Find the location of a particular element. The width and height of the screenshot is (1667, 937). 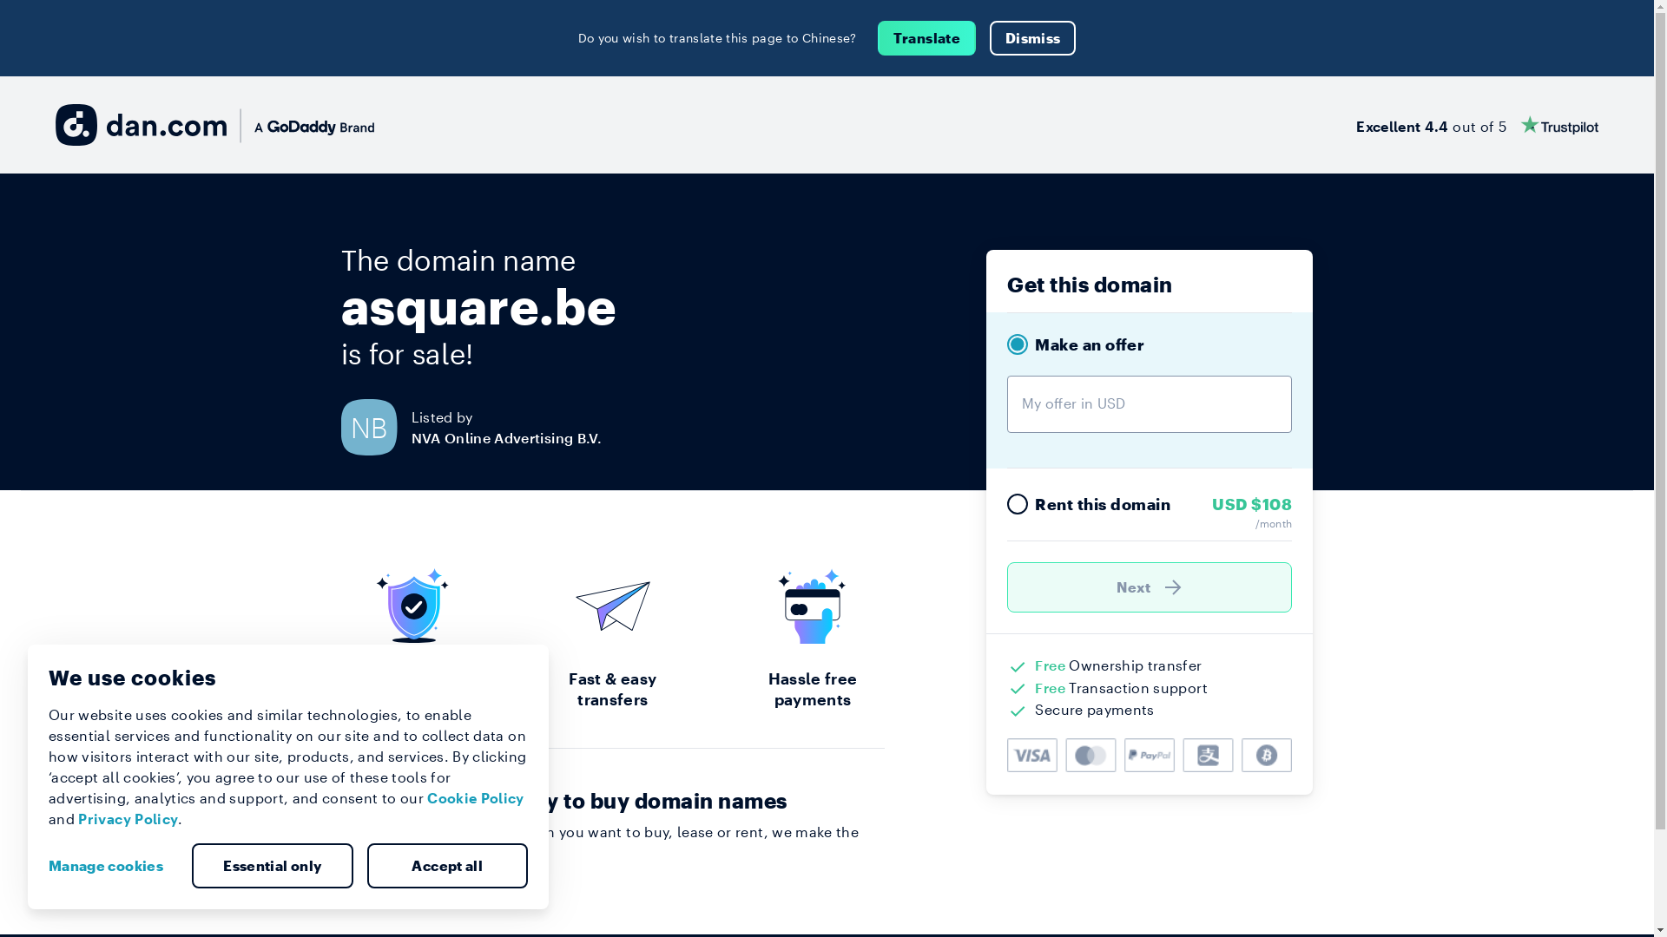

'Next is located at coordinates (1150, 586).